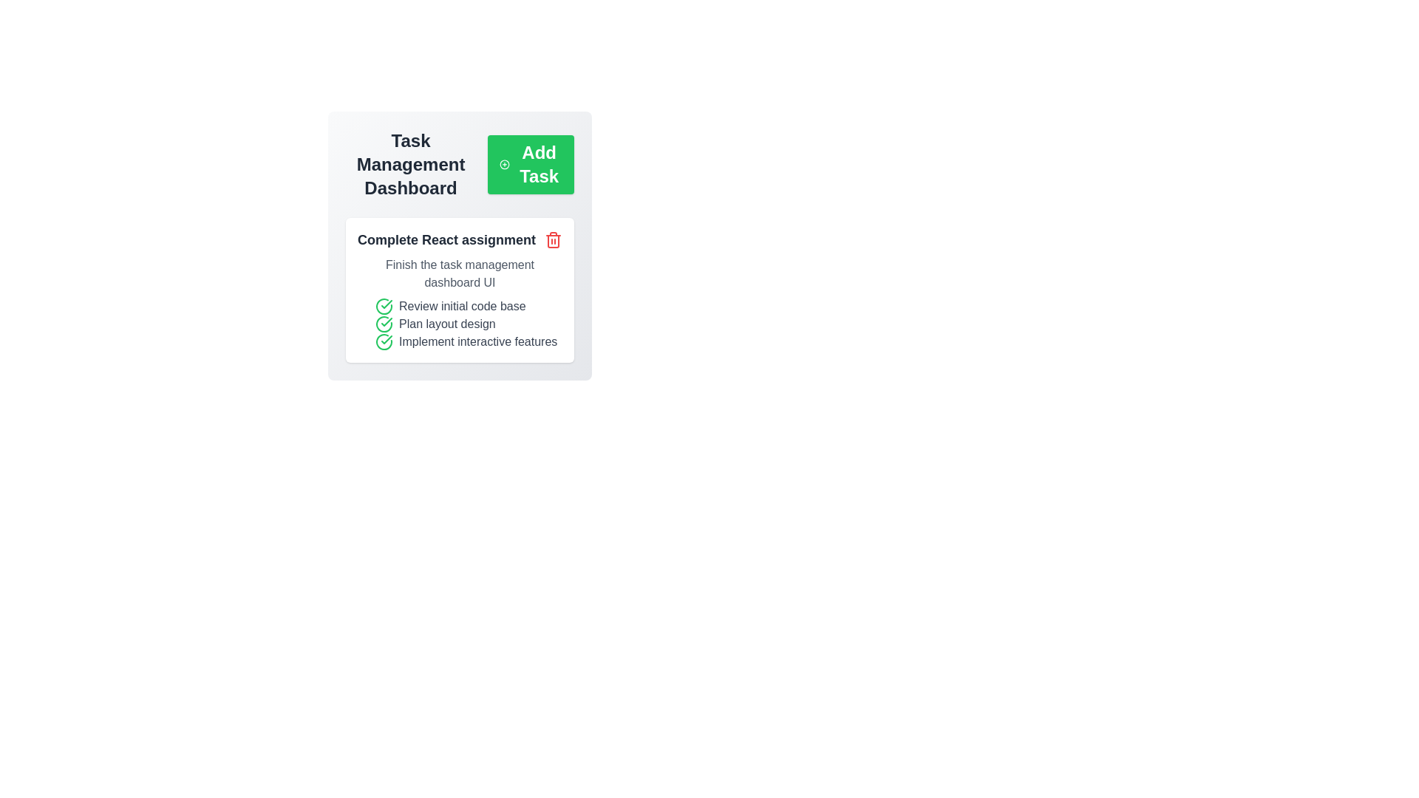 The width and height of the screenshot is (1419, 798). What do you see at coordinates (459, 165) in the screenshot?
I see `the Header with the text 'Task Management Dashboard' and the green 'Add Task' button` at bounding box center [459, 165].